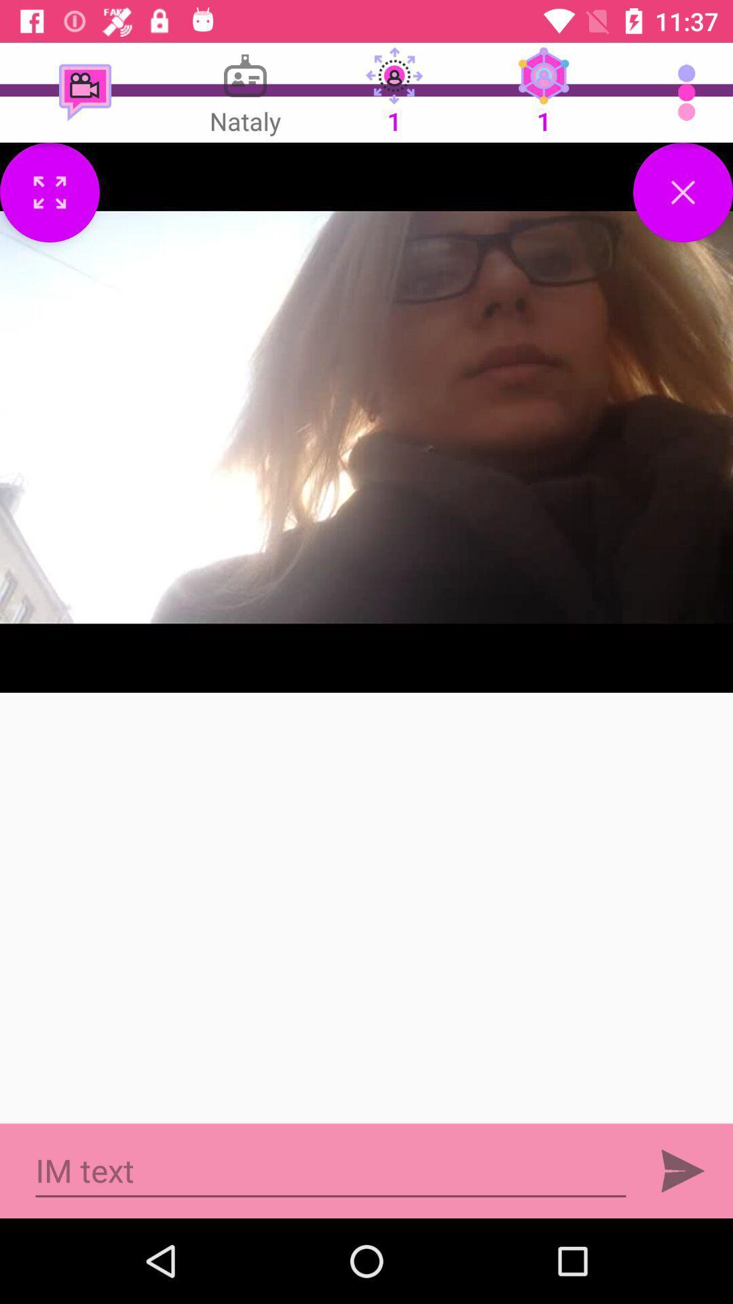 The width and height of the screenshot is (733, 1304). What do you see at coordinates (683, 192) in the screenshot?
I see `closes screen` at bounding box center [683, 192].